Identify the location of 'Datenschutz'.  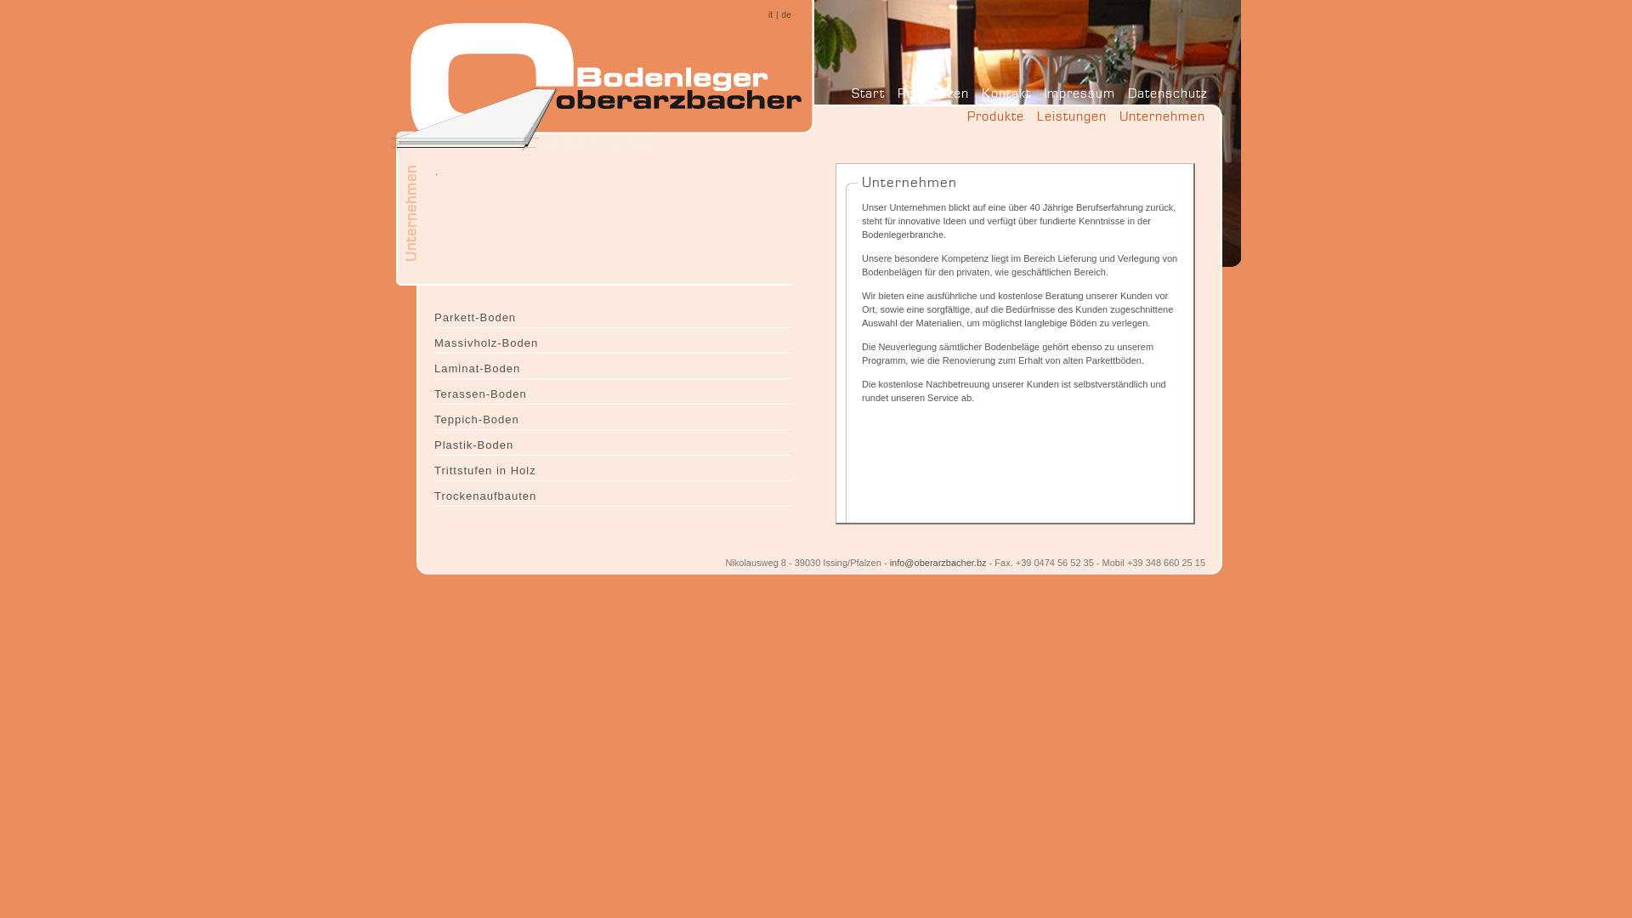
(1166, 93).